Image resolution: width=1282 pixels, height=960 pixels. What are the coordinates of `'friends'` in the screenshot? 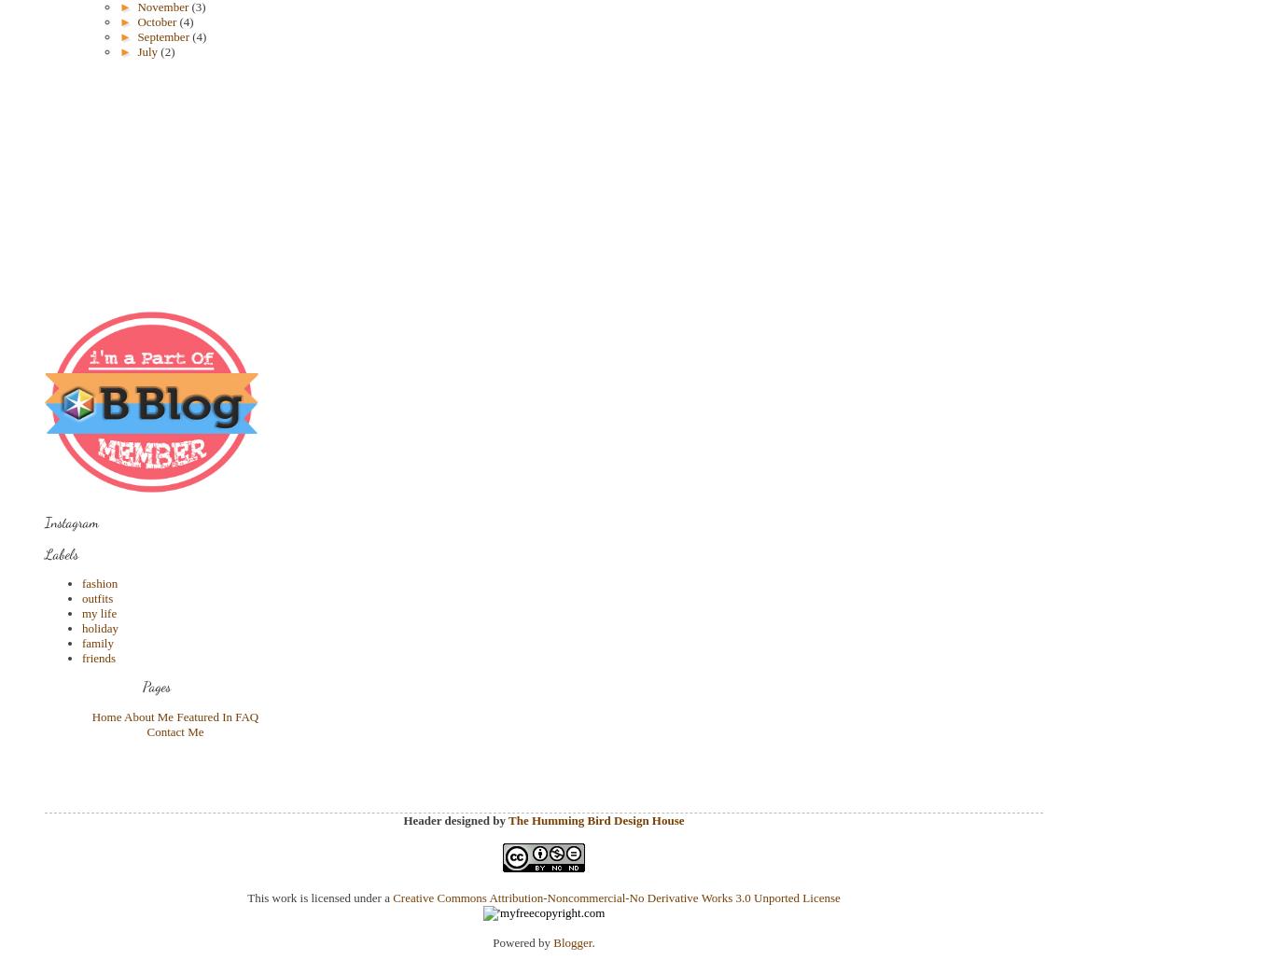 It's located at (80, 657).